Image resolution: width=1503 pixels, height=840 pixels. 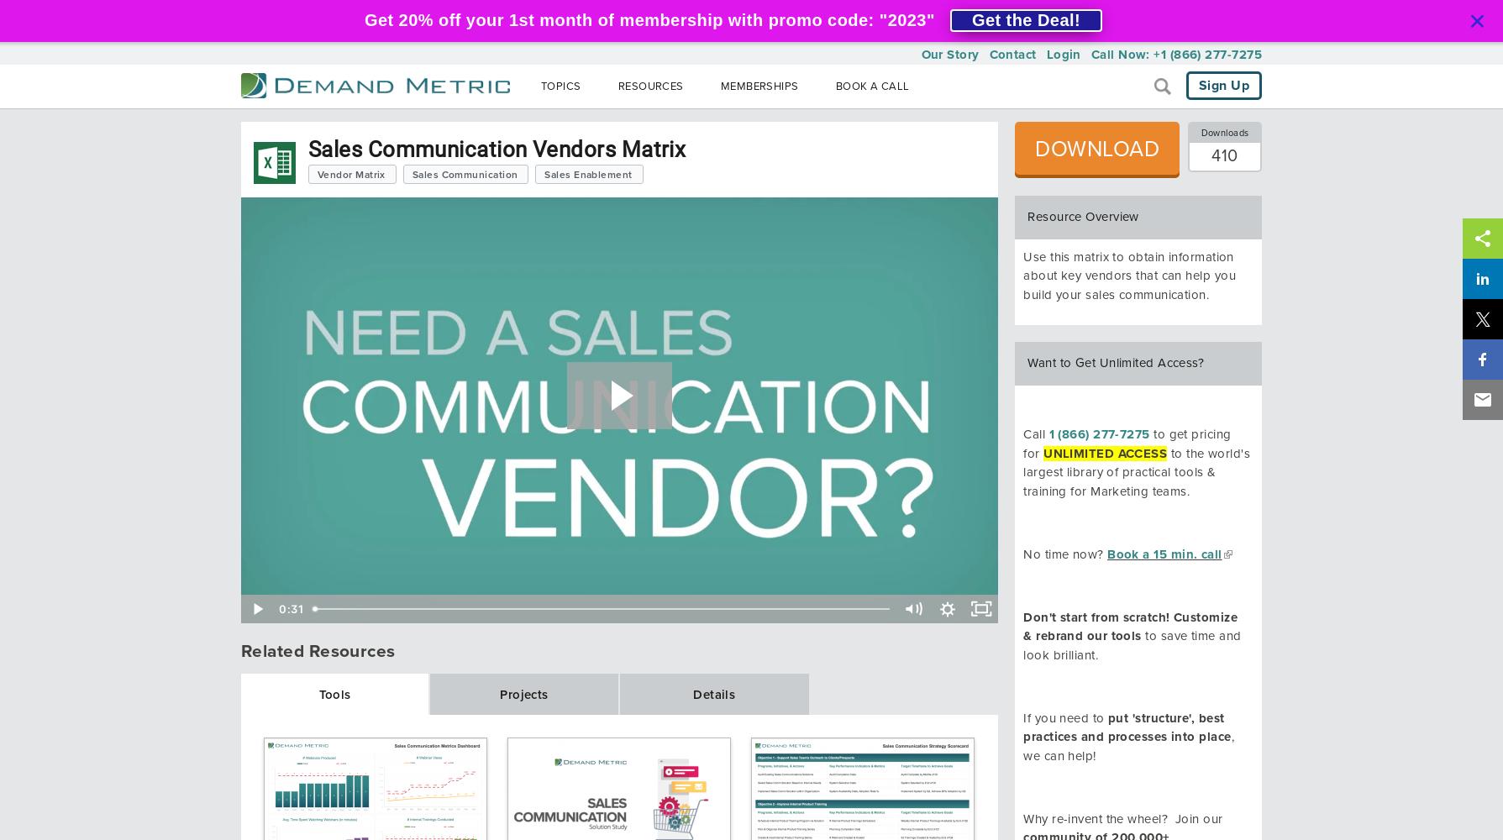 I want to click on 'to get pricing for', so click(x=1127, y=444).